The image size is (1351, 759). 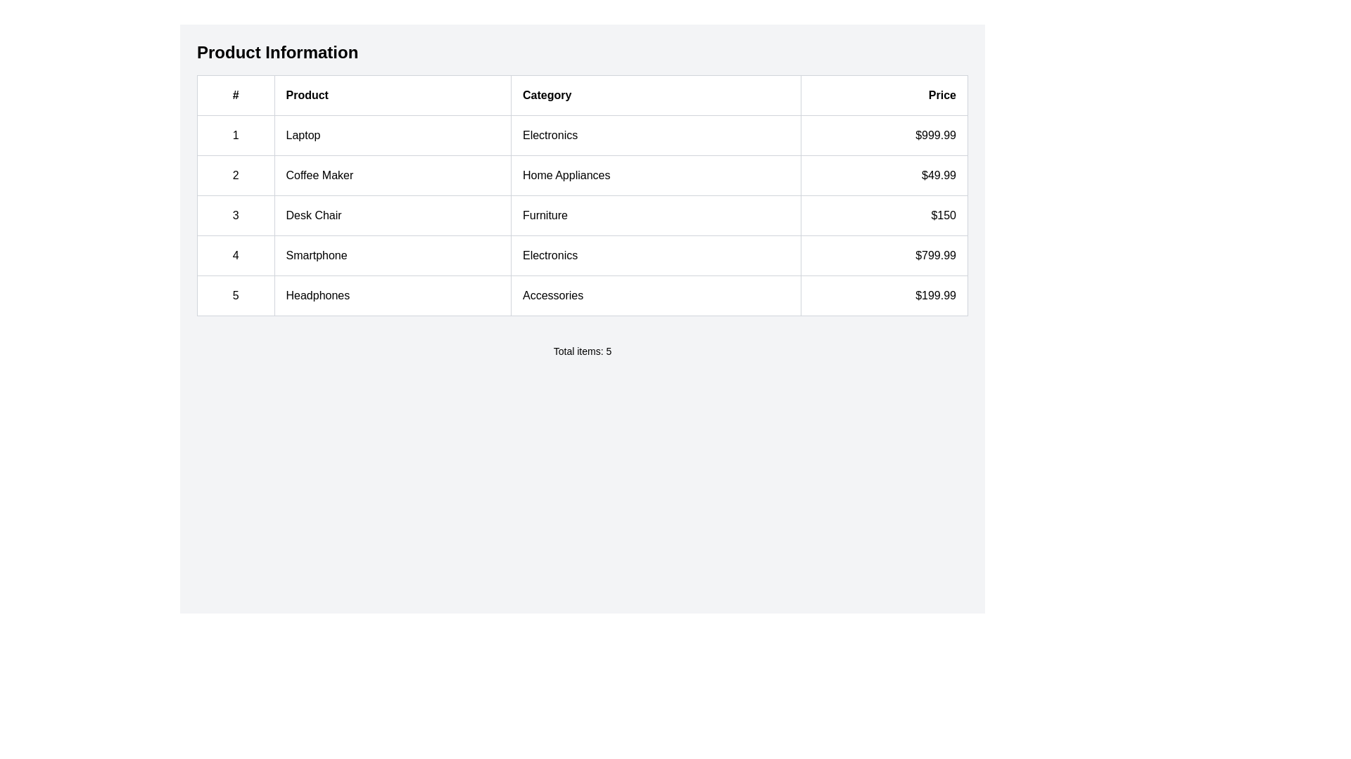 I want to click on the first row of the product information table that displays detailed product information including serial number, name, category, and price, so click(x=583, y=135).